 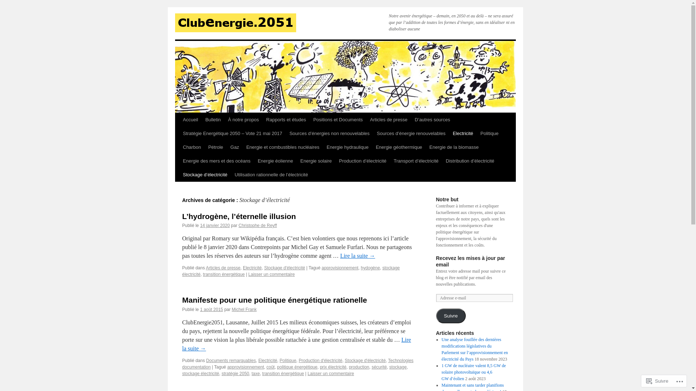 I want to click on 'Suivre', so click(x=435, y=315).